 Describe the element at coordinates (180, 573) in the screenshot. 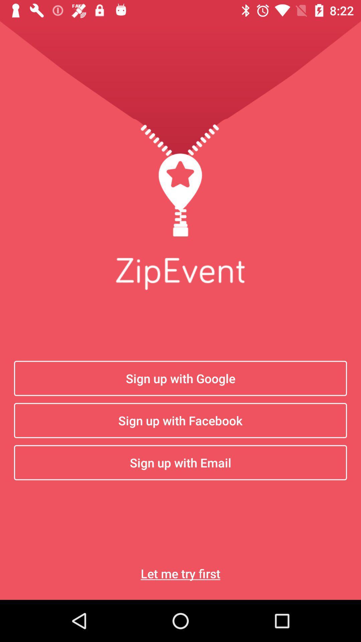

I see `the let me try button` at that location.